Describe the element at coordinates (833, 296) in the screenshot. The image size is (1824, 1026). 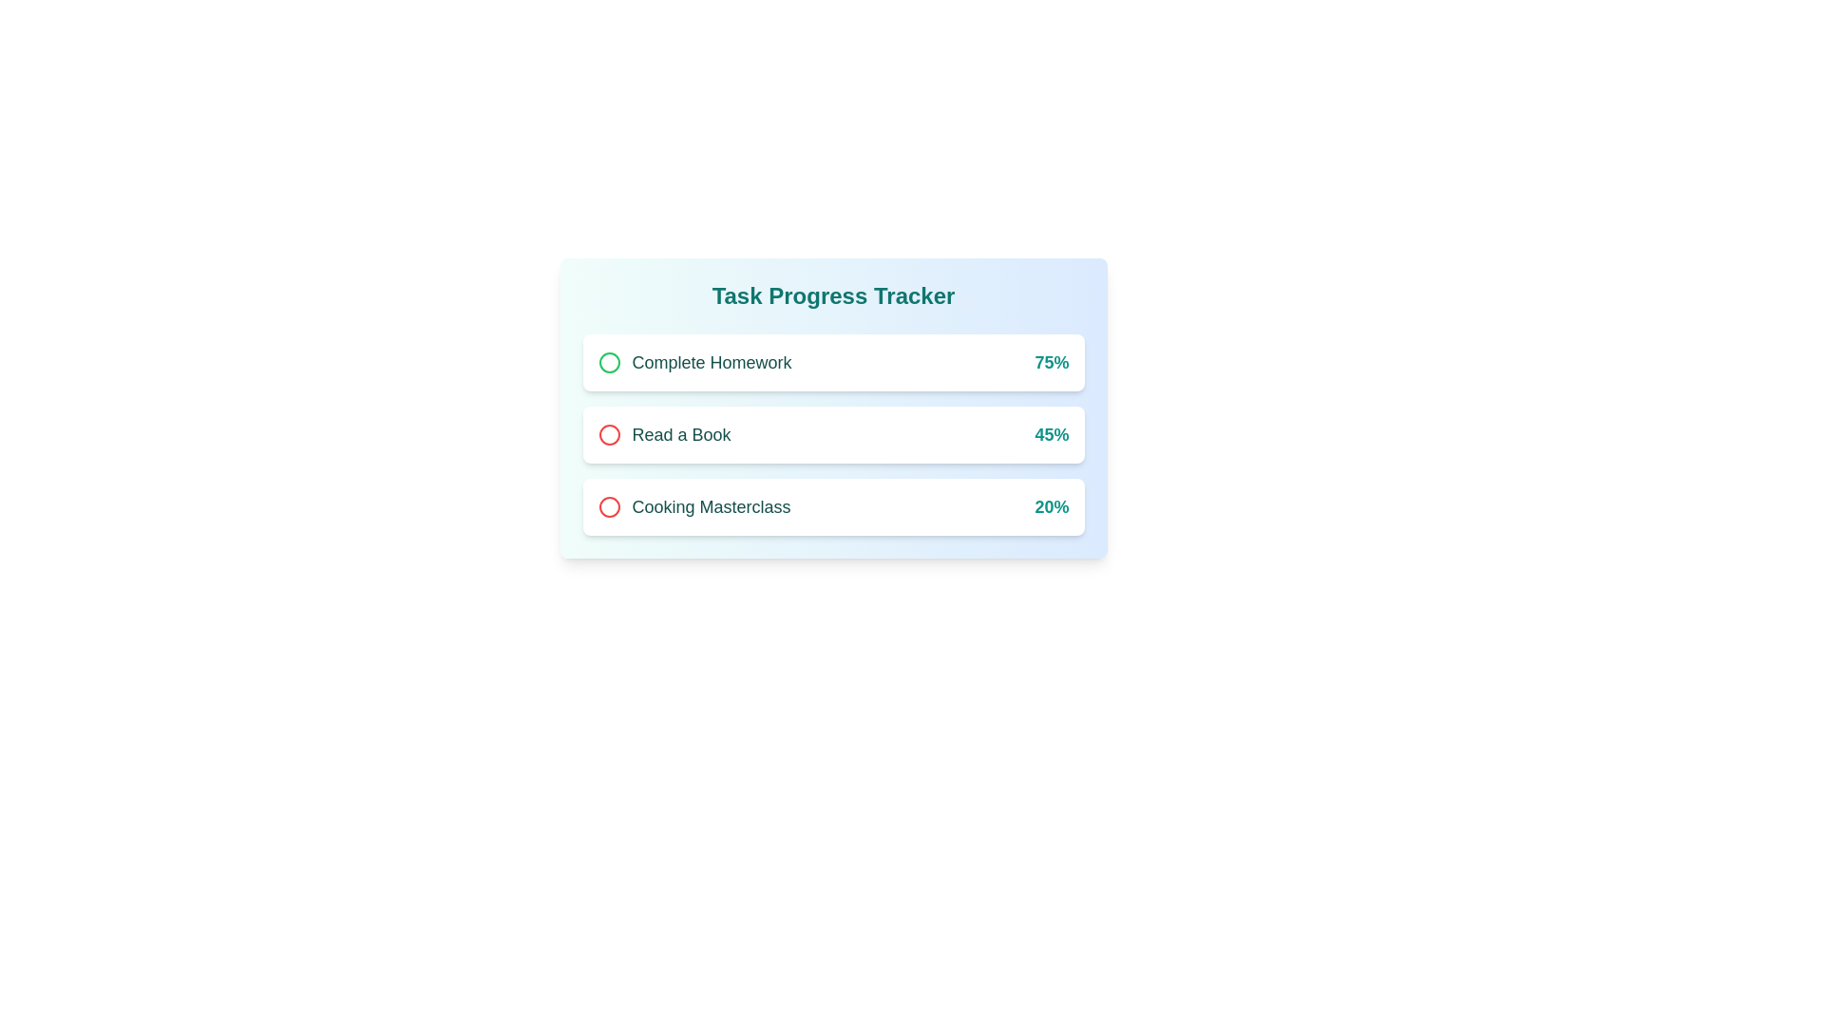
I see `text header displaying 'Task Progress Tracker', which is bold and teal-colored, located at the top of the card component` at that location.